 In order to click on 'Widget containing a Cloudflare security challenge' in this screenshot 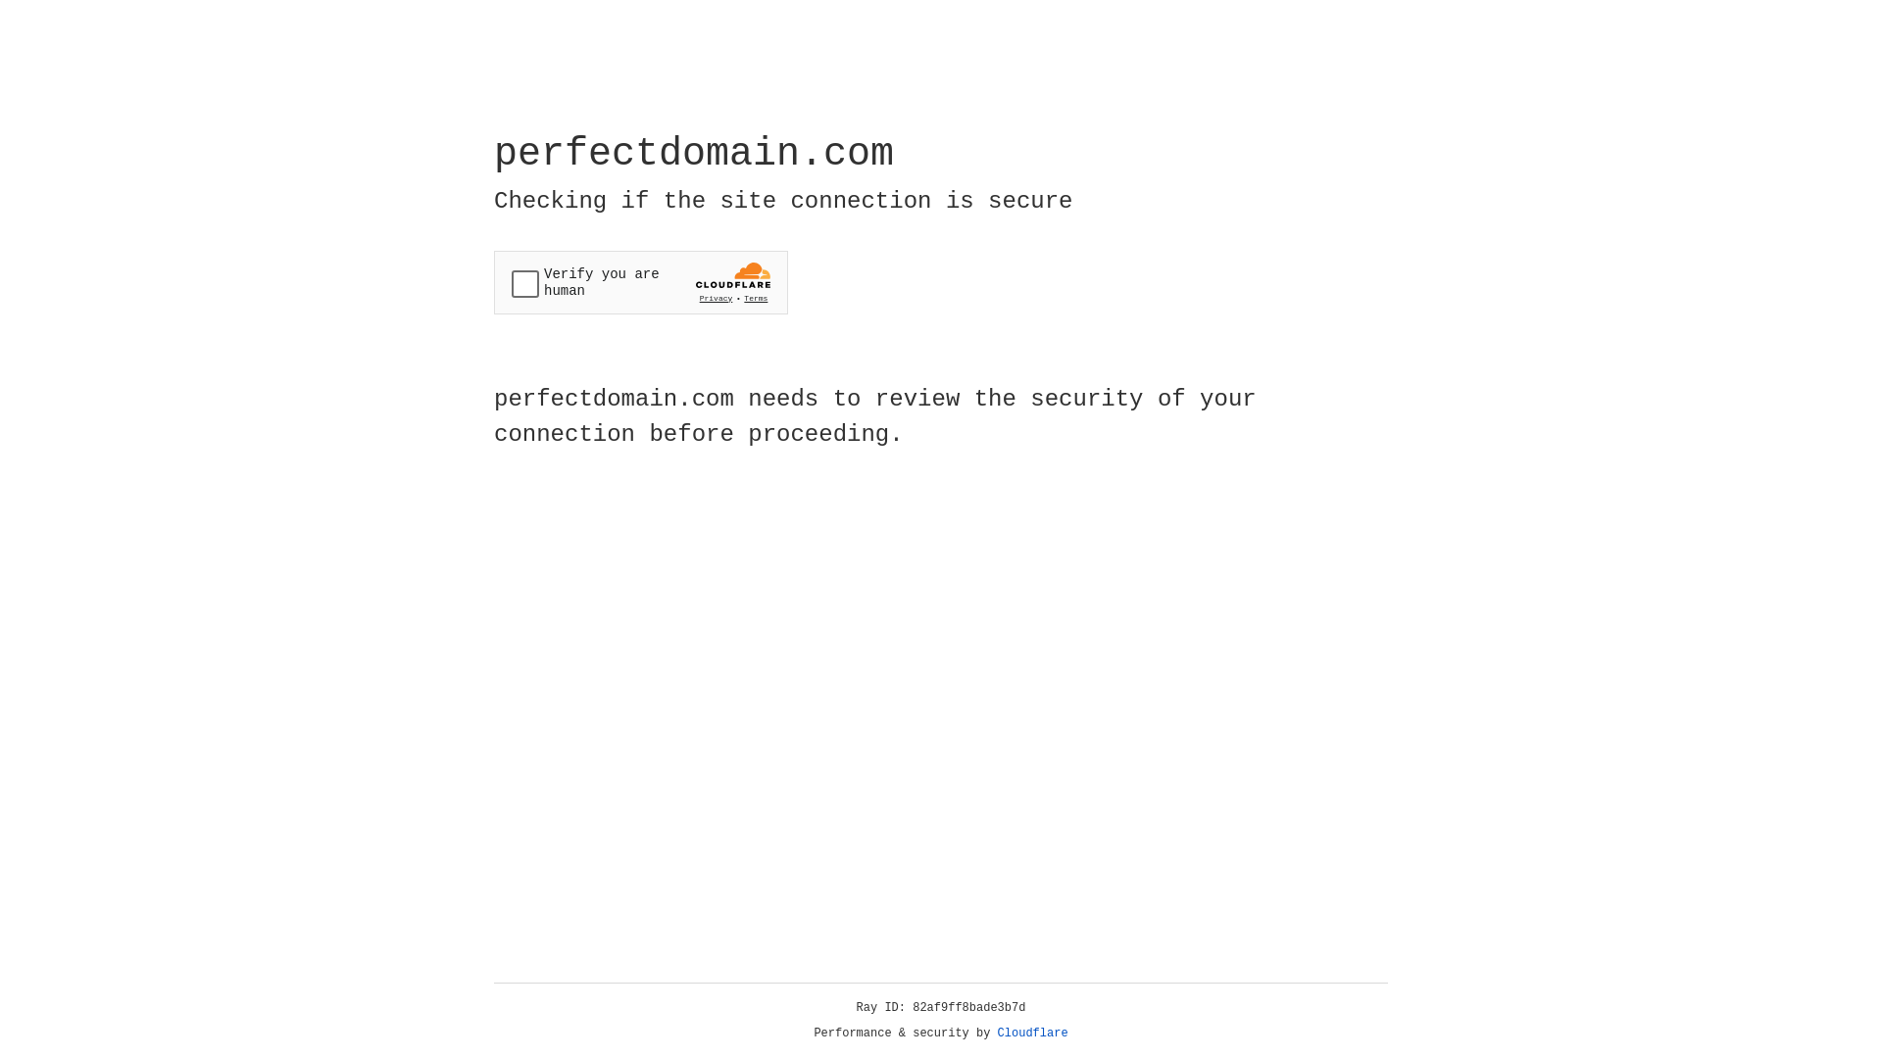, I will do `click(640, 282)`.